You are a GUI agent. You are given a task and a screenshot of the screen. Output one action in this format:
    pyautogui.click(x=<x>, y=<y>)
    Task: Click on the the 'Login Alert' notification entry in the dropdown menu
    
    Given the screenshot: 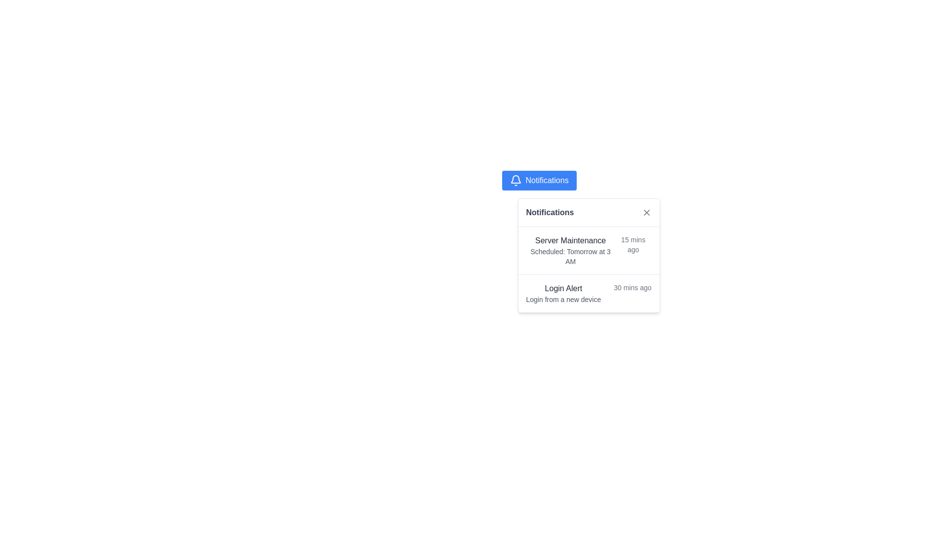 What is the action you would take?
    pyautogui.click(x=589, y=293)
    